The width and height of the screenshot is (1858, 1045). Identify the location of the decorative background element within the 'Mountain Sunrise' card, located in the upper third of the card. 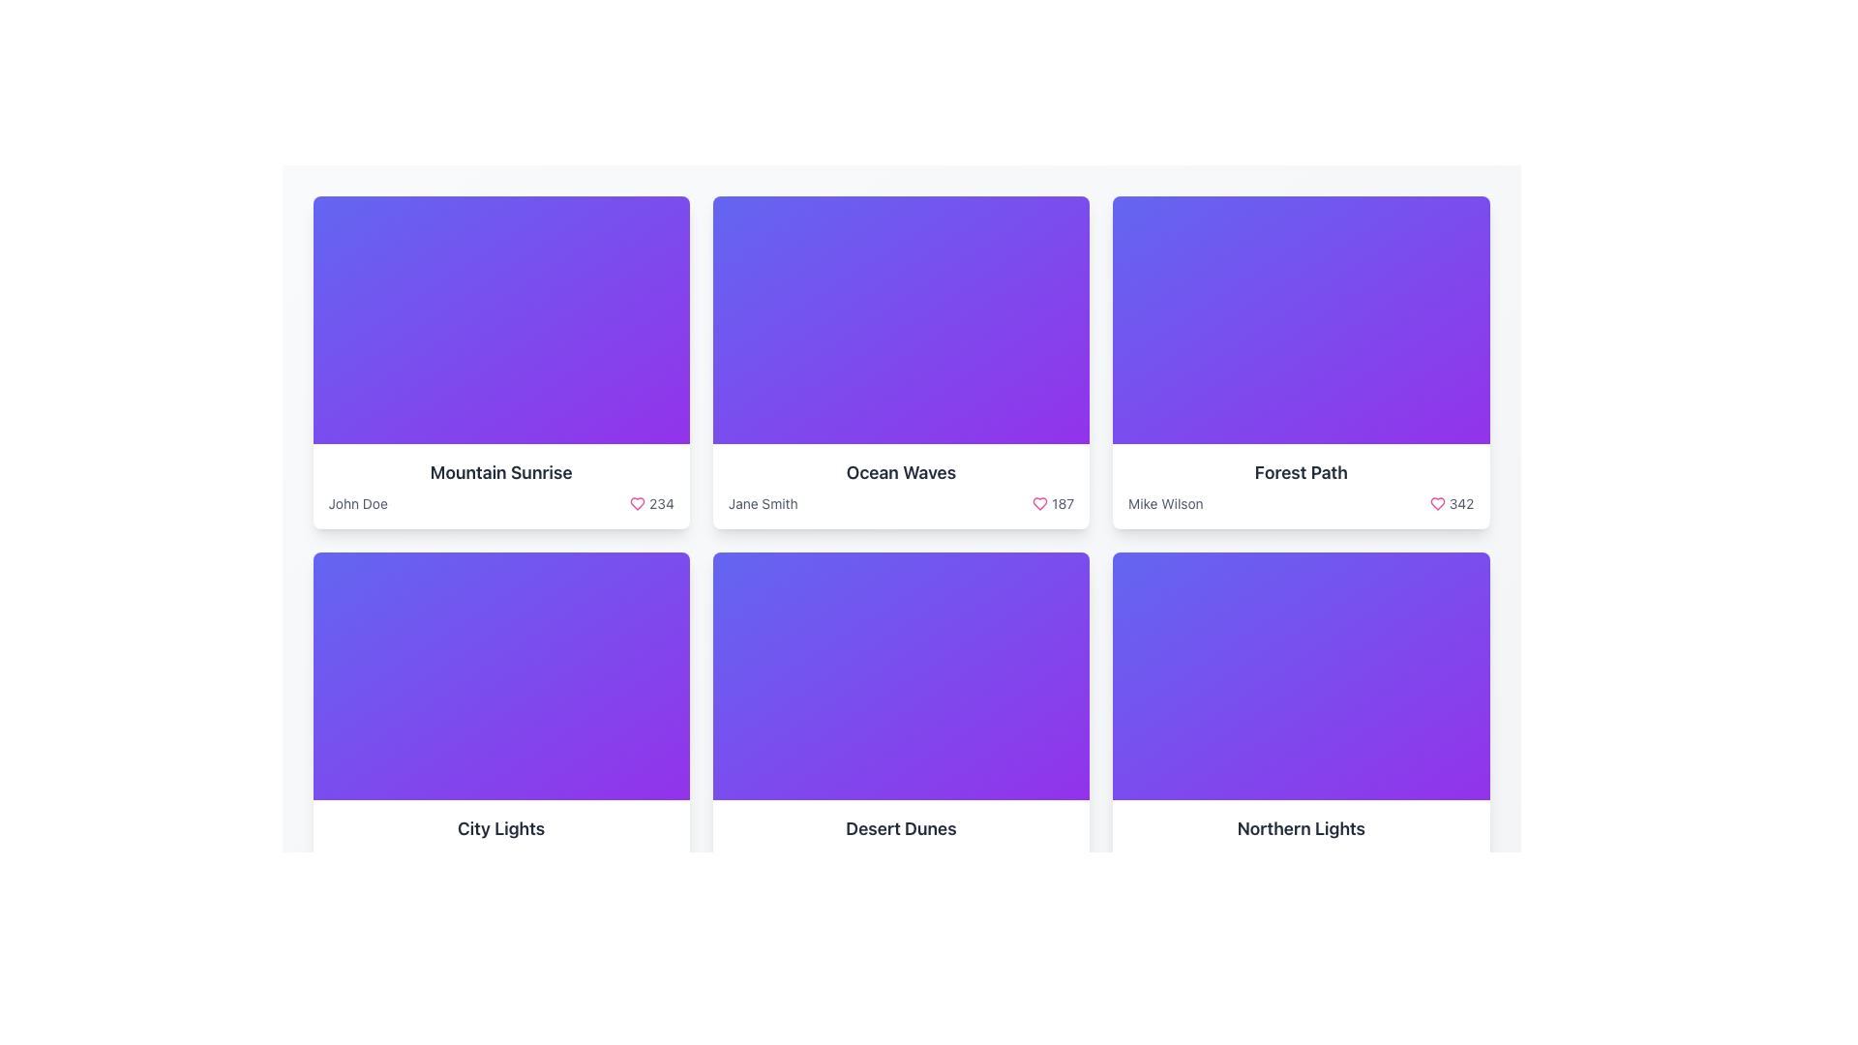
(501, 377).